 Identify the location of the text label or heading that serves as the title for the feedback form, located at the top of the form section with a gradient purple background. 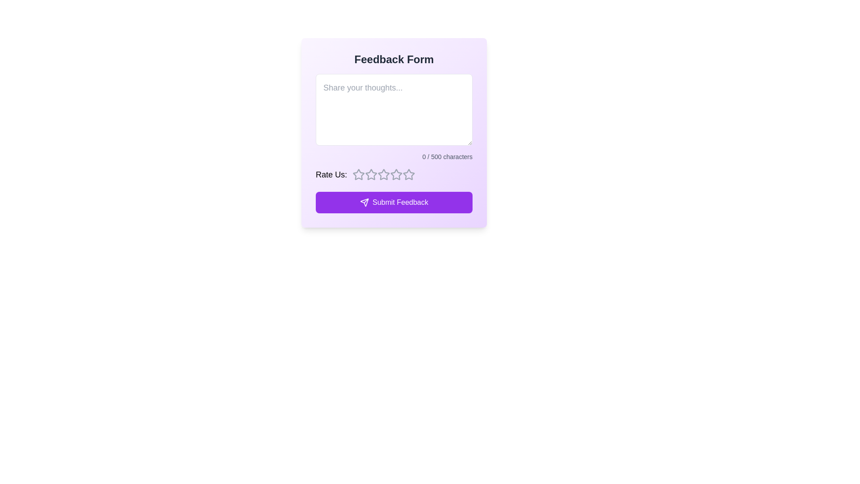
(394, 59).